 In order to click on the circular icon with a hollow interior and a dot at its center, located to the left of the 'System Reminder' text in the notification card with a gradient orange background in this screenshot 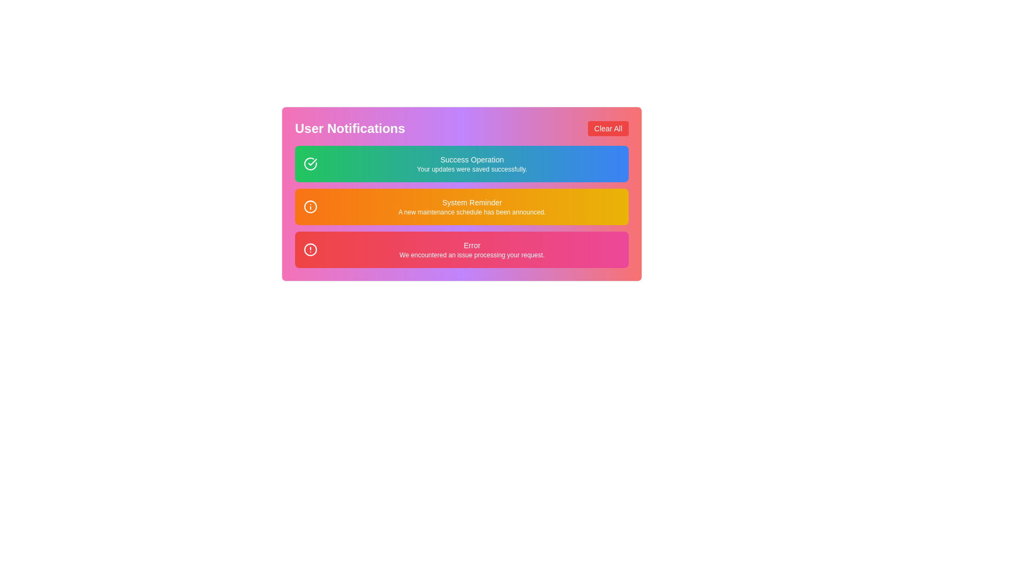, I will do `click(310, 206)`.